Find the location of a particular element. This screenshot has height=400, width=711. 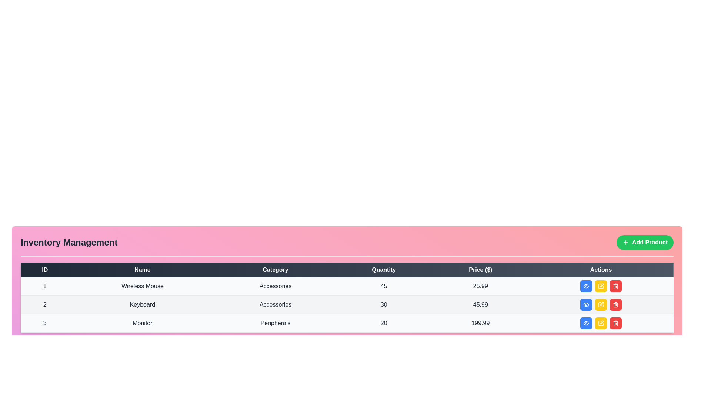

the eye icon associated with the view or preview action in the 'Actions' column of the table, specifically in the second row corresponding to the 'Keyboard' item is located at coordinates (586, 304).